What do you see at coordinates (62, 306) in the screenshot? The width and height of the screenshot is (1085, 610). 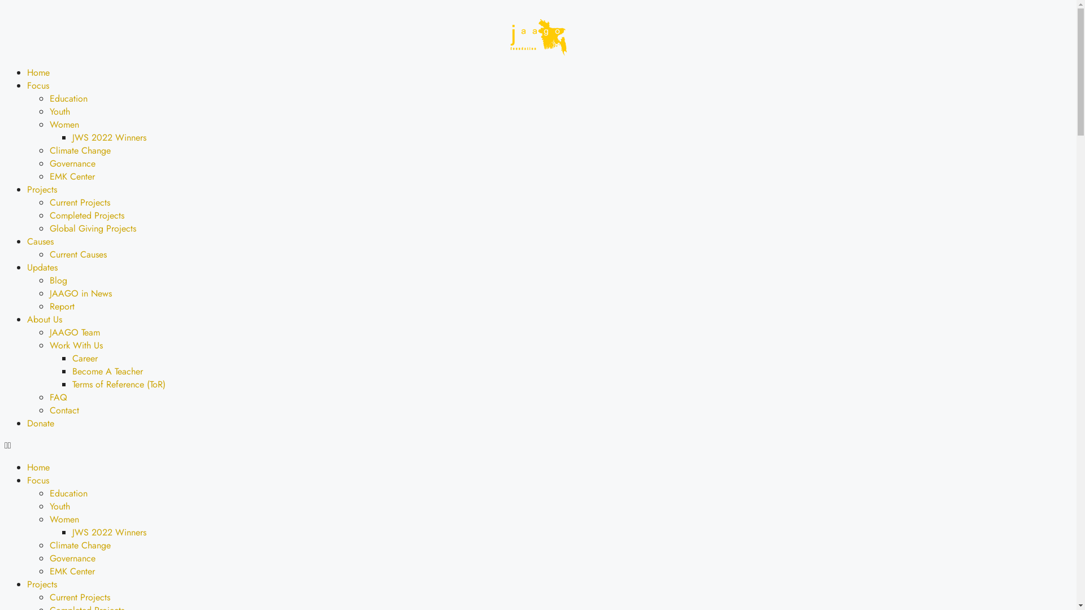 I see `'Report'` at bounding box center [62, 306].